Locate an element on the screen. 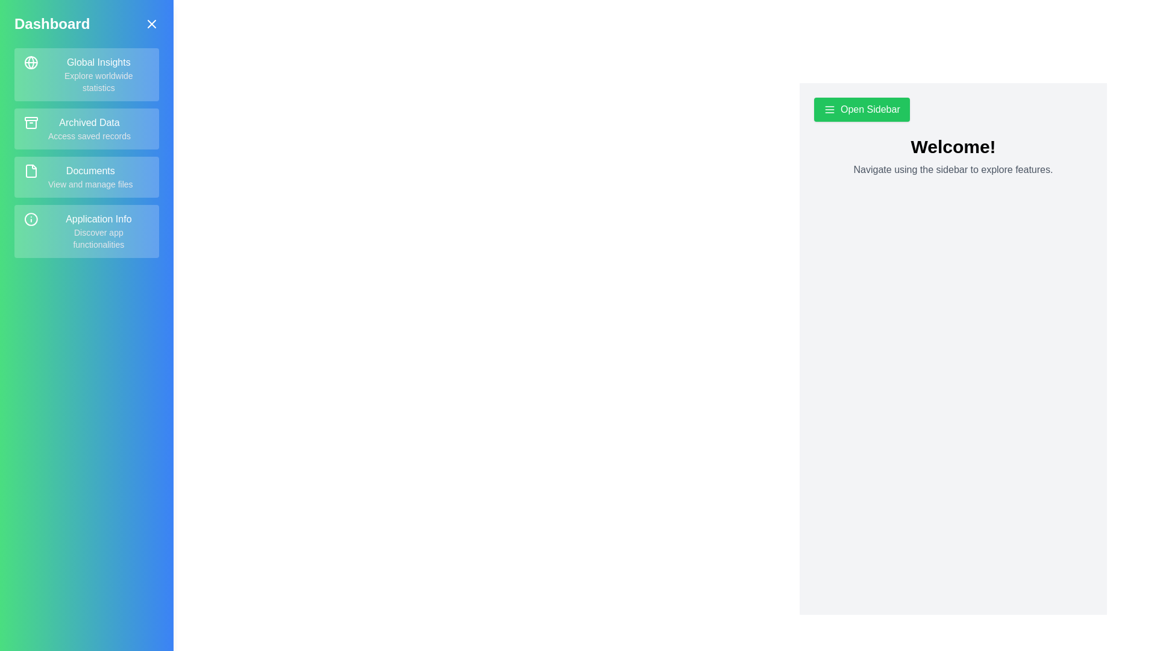  the menu item Documents in the sidebar is located at coordinates (86, 177).